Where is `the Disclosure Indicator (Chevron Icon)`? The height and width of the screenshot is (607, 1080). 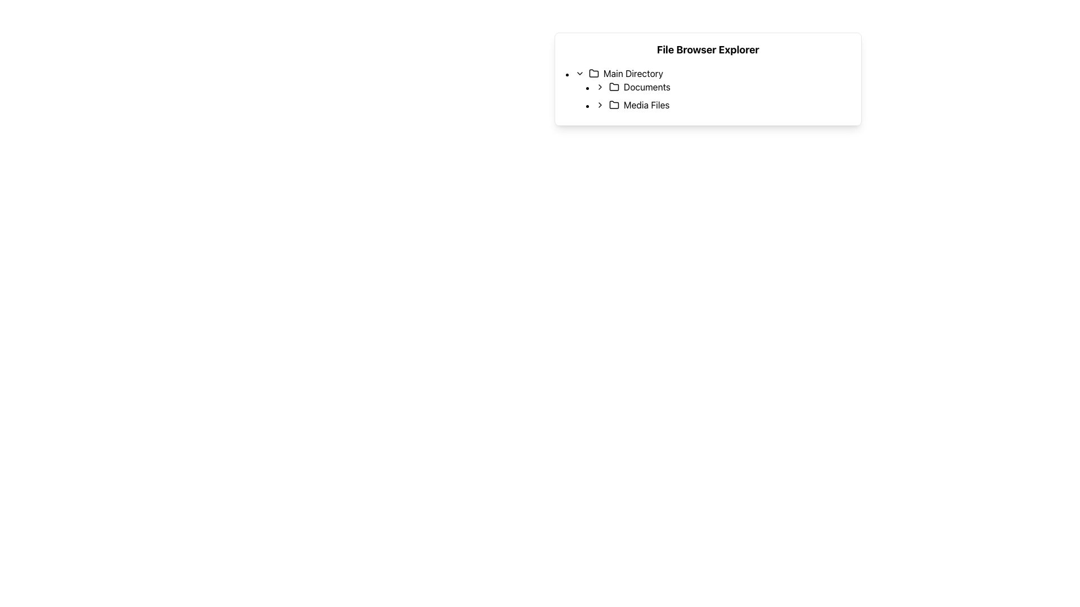 the Disclosure Indicator (Chevron Icon) is located at coordinates (599, 105).